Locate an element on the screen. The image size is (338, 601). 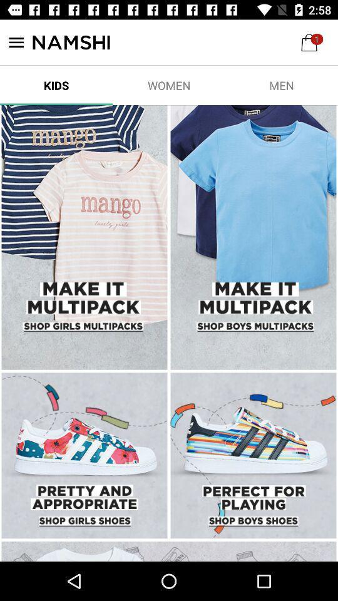
the item next to men is located at coordinates (169, 85).